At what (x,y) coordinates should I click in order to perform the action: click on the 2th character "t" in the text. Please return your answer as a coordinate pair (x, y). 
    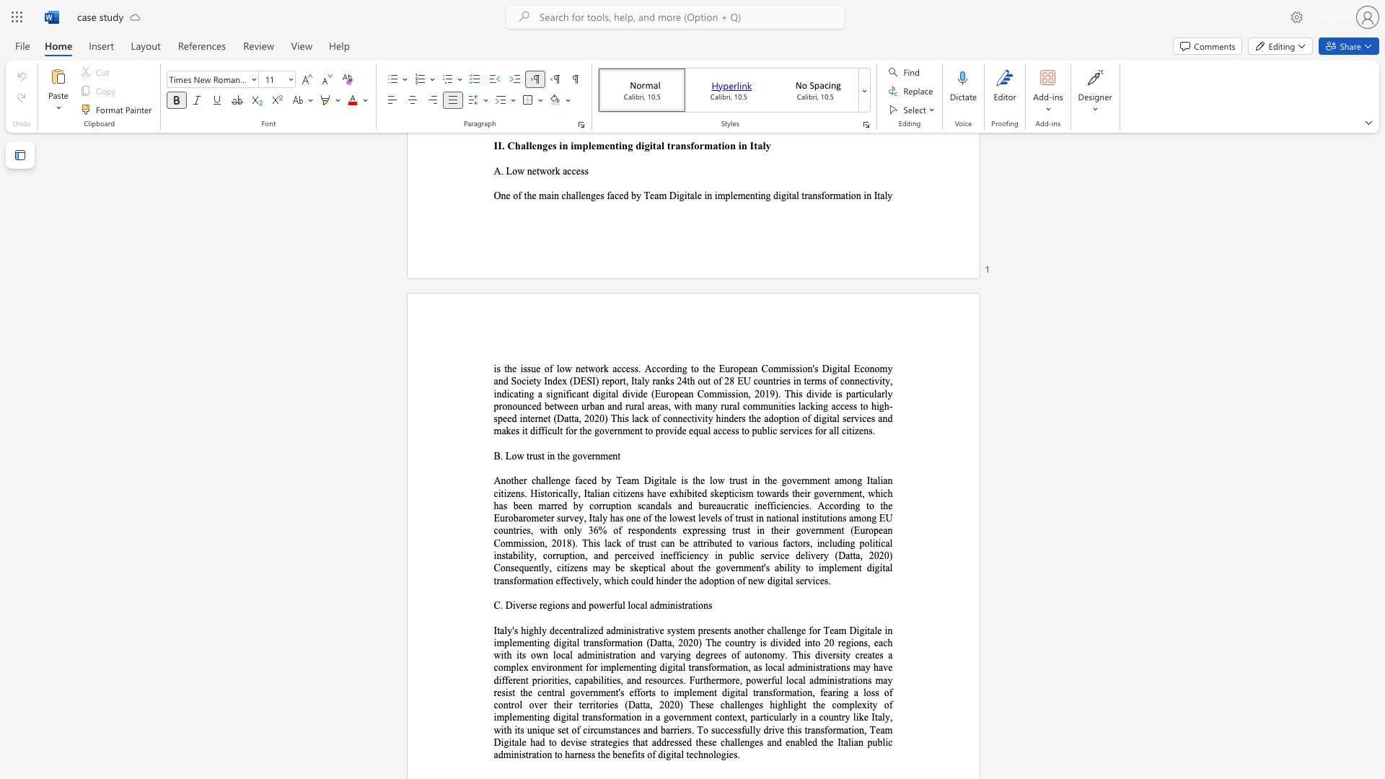
    Looking at the image, I should click on (542, 456).